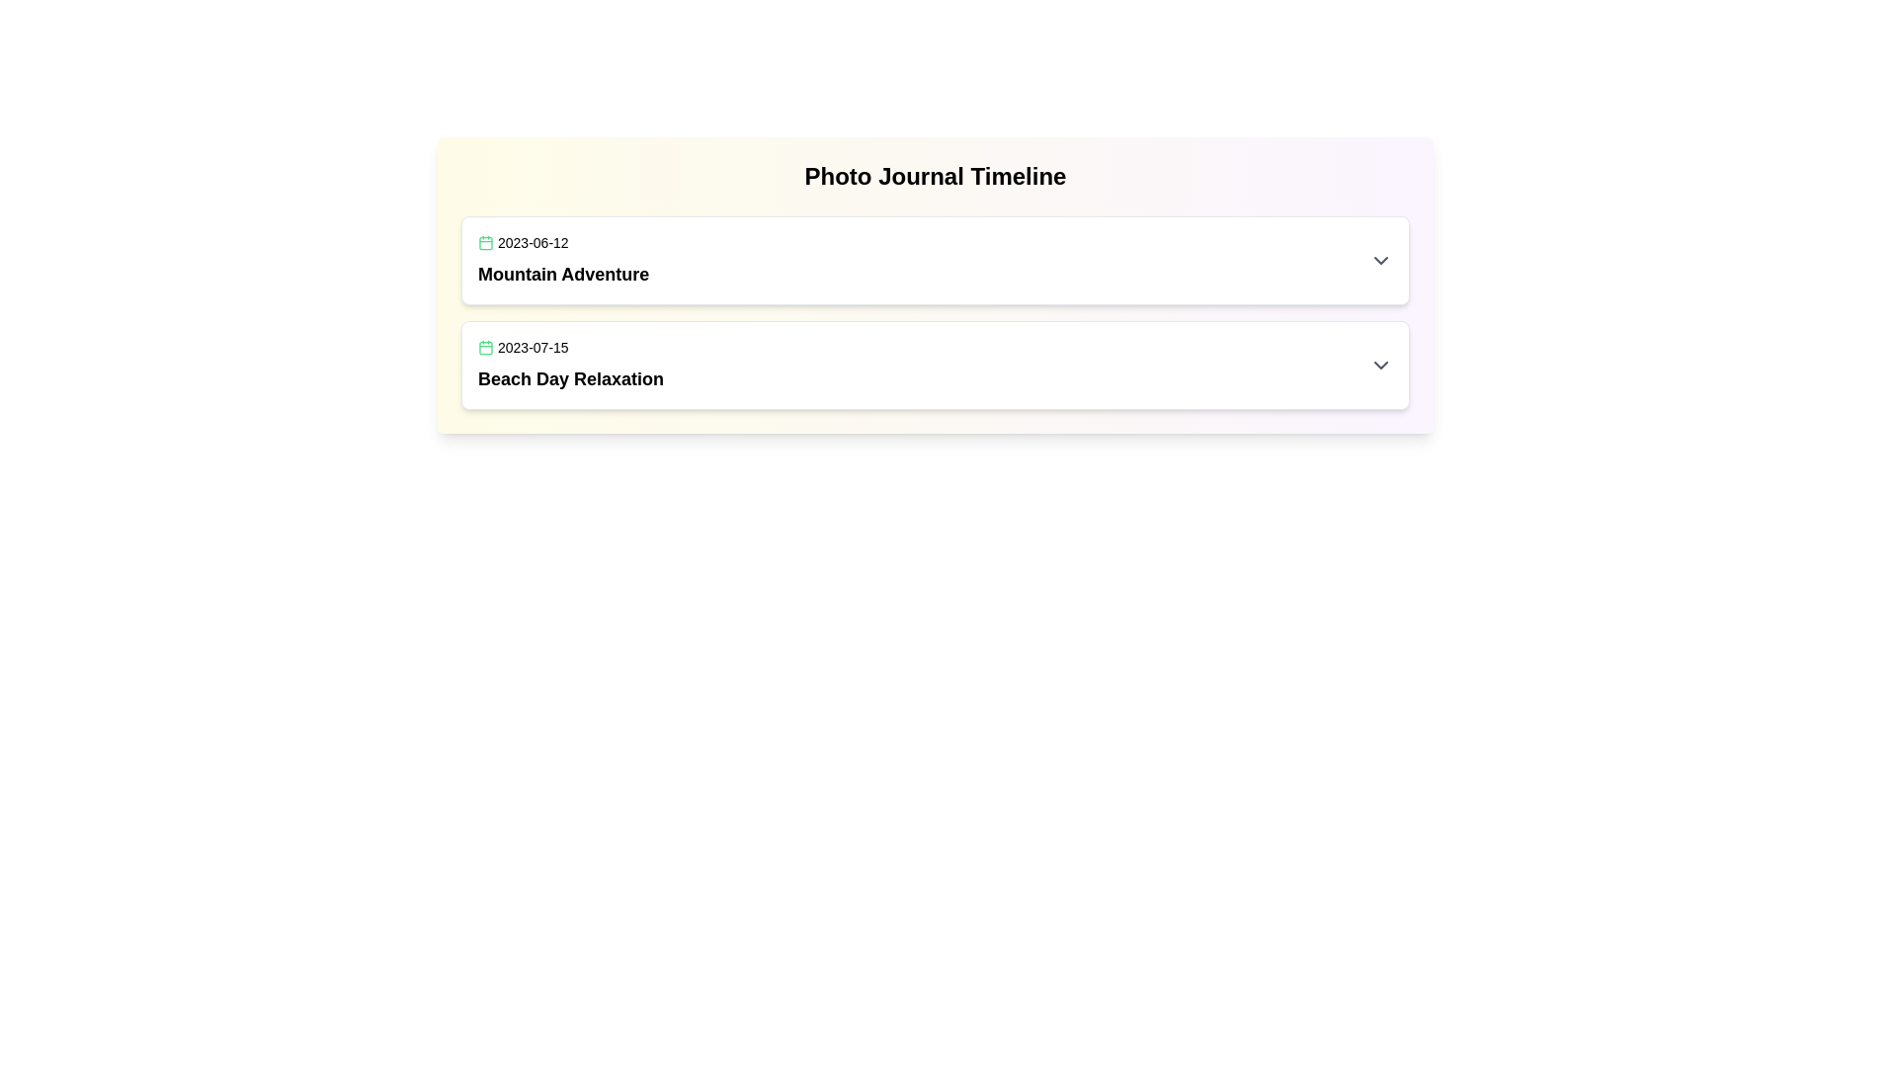  Describe the element at coordinates (485, 242) in the screenshot. I see `the calendar icon next to the text '2023-06-12' in the first entry of the timeline list` at that location.